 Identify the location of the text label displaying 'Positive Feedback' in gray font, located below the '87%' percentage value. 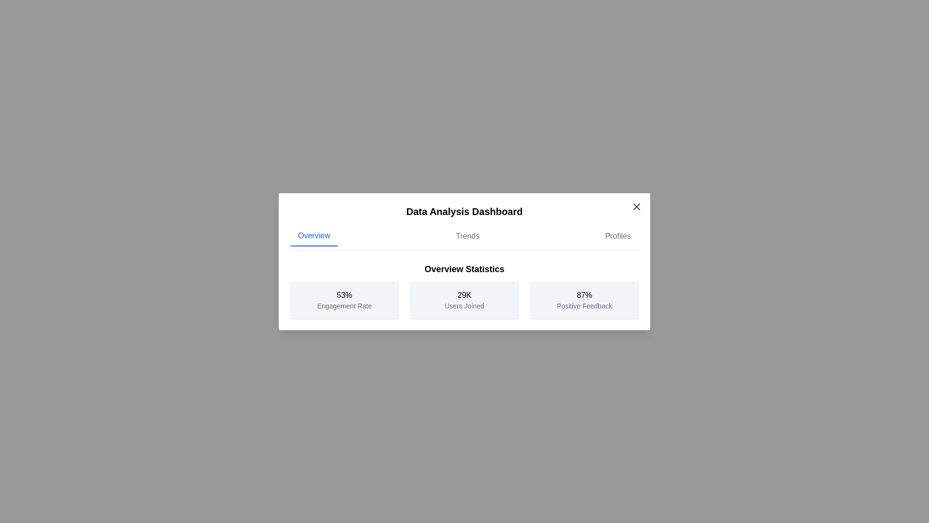
(584, 306).